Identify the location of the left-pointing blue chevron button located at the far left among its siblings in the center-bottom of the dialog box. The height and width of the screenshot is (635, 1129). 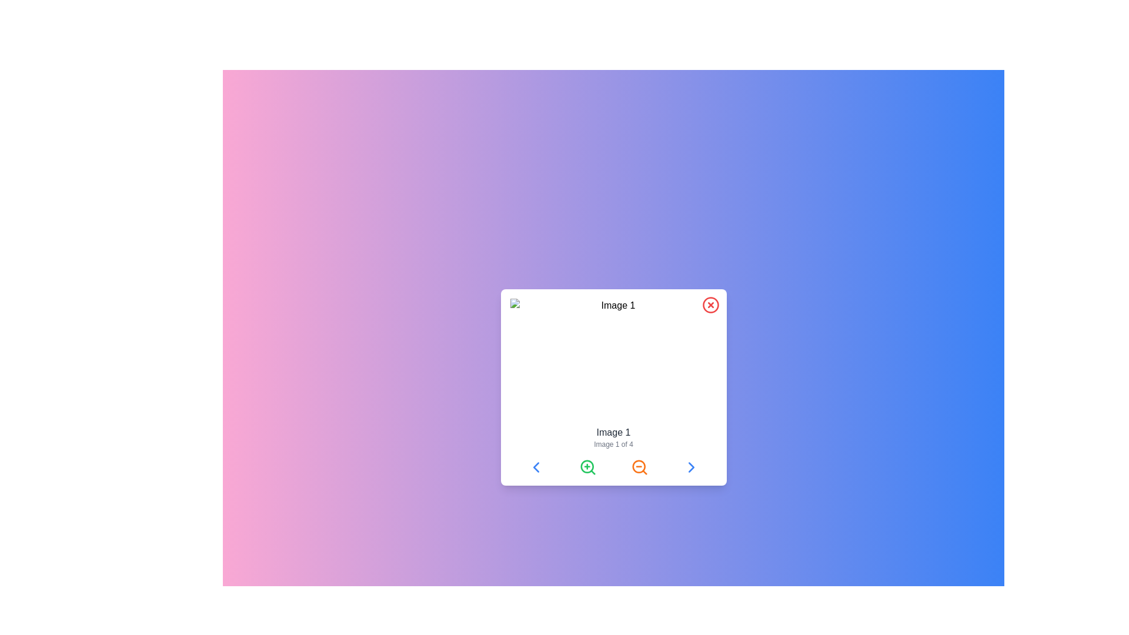
(535, 466).